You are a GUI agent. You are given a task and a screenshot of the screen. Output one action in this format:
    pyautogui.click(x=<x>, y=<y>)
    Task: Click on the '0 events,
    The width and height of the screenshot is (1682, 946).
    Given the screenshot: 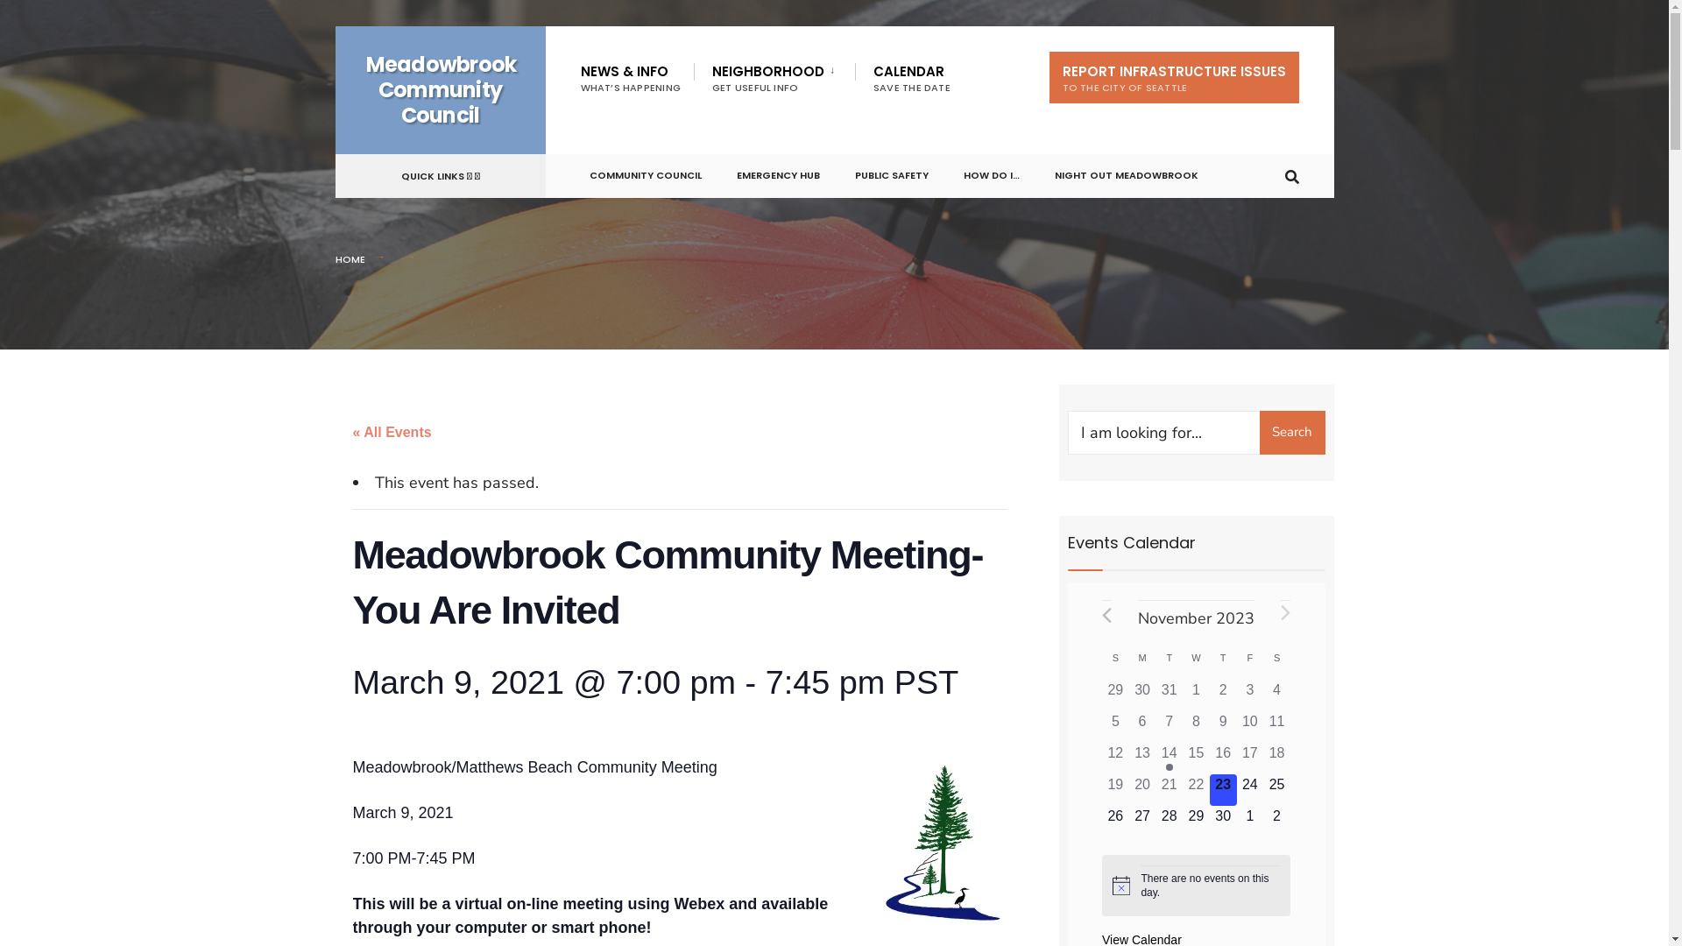 What is the action you would take?
    pyautogui.click(x=1222, y=821)
    